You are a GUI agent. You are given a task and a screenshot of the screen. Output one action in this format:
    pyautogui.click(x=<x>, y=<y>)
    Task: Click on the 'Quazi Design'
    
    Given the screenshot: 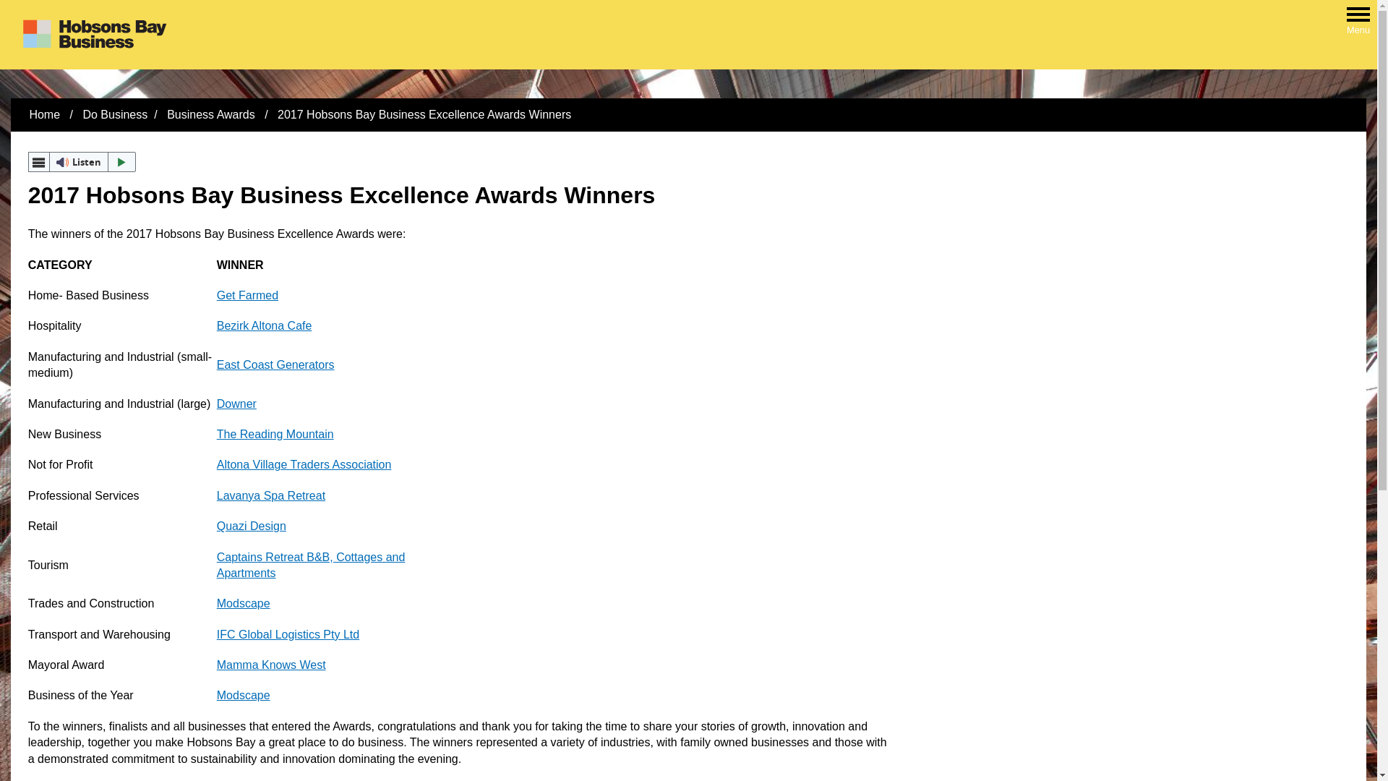 What is the action you would take?
    pyautogui.click(x=251, y=526)
    